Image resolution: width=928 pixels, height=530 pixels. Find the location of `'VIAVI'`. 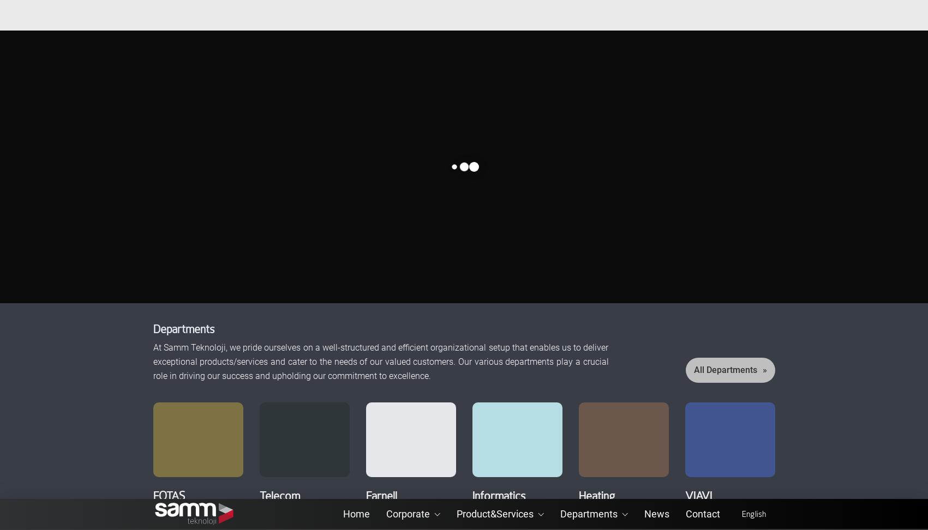

'VIAVI' is located at coordinates (570, 142).